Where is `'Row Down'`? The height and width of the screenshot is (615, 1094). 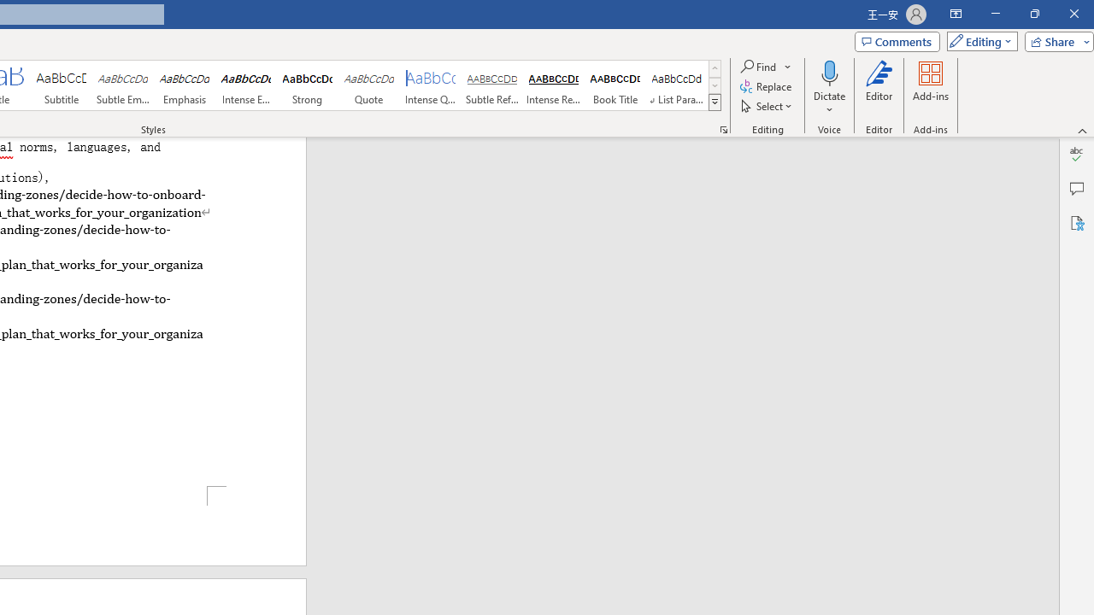 'Row Down' is located at coordinates (715, 85).